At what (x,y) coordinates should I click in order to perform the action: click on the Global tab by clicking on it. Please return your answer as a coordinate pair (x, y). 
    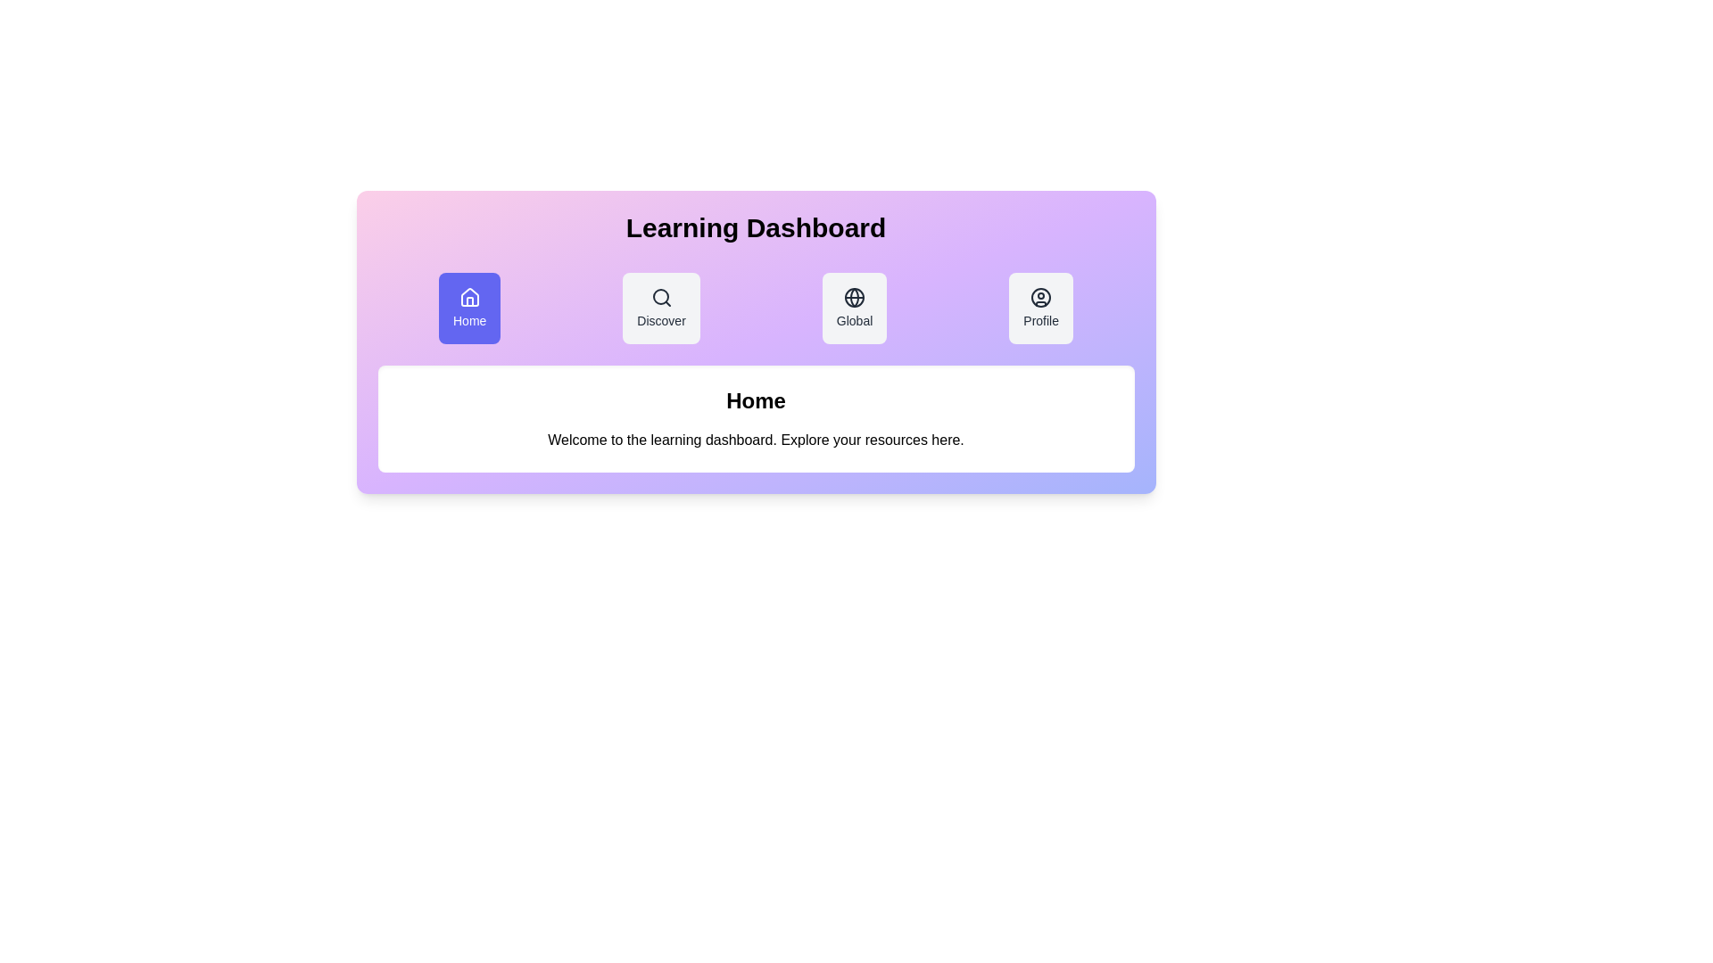
    Looking at the image, I should click on (854, 308).